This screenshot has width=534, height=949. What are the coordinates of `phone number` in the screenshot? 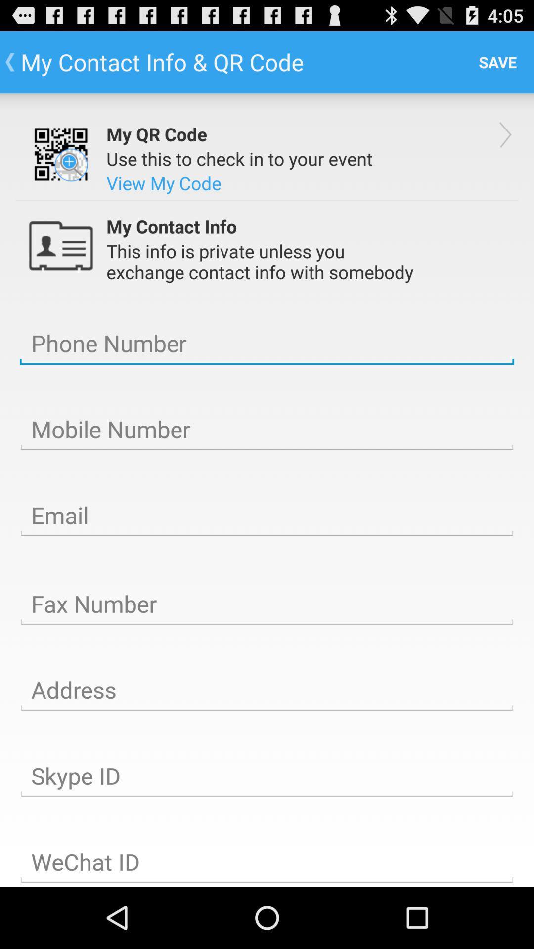 It's located at (267, 344).